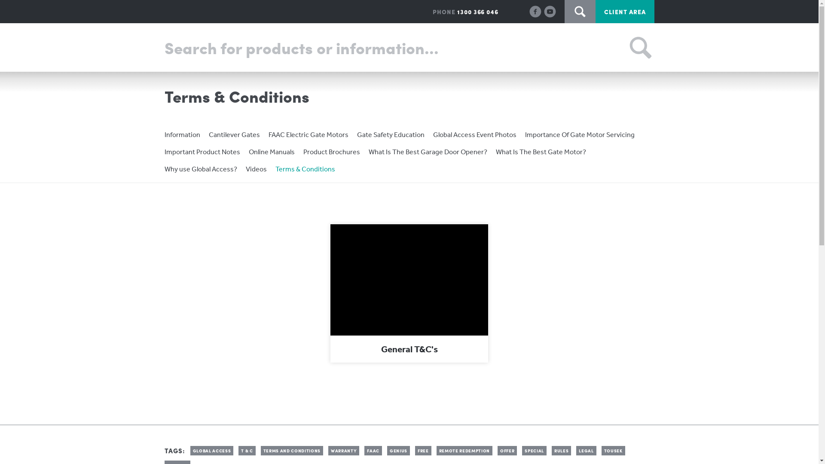 The height and width of the screenshot is (464, 825). I want to click on 'SUPPORT', so click(404, 48).